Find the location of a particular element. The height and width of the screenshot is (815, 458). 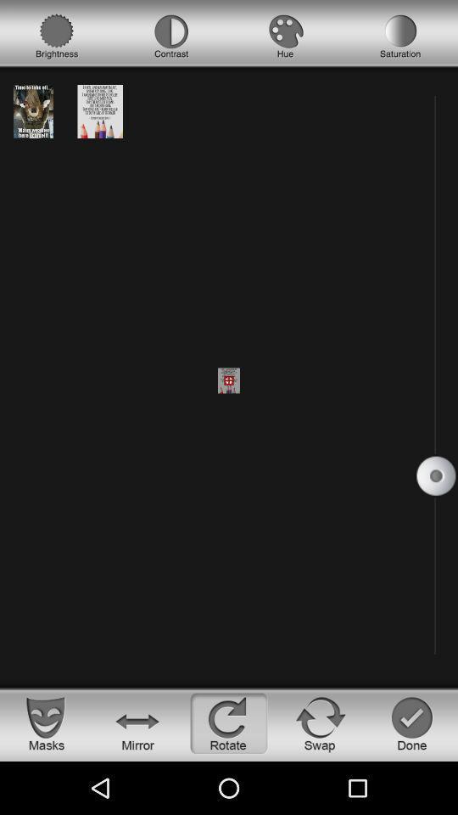

a option brightness which is on the top right corner of page is located at coordinates (57, 36).